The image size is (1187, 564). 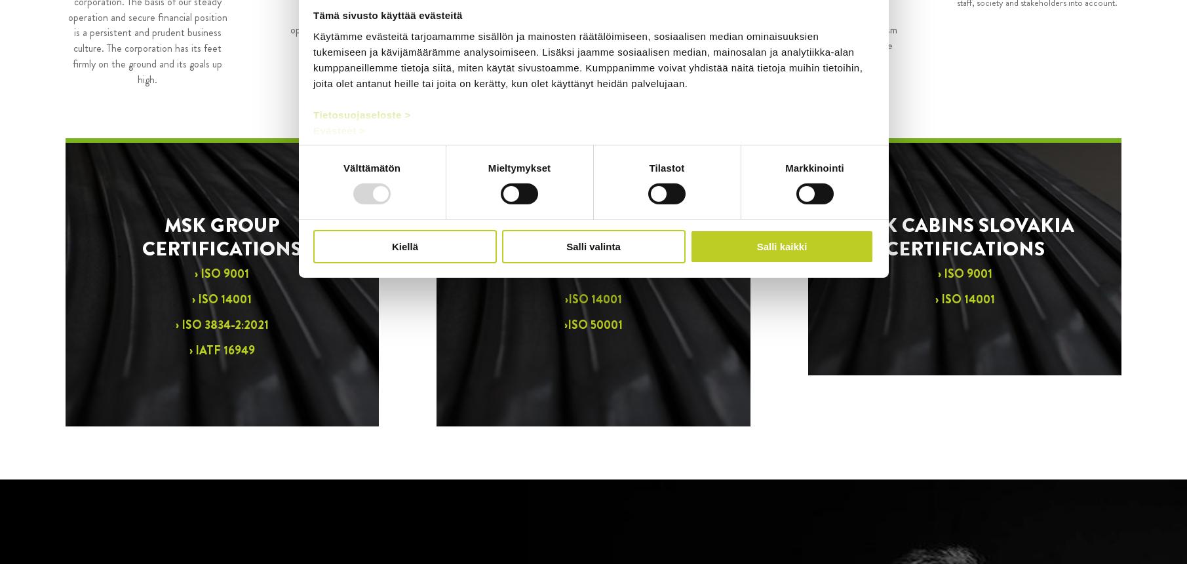 What do you see at coordinates (313, 15) in the screenshot?
I see `'Tämä sivusto käyttää evästeitä'` at bounding box center [313, 15].